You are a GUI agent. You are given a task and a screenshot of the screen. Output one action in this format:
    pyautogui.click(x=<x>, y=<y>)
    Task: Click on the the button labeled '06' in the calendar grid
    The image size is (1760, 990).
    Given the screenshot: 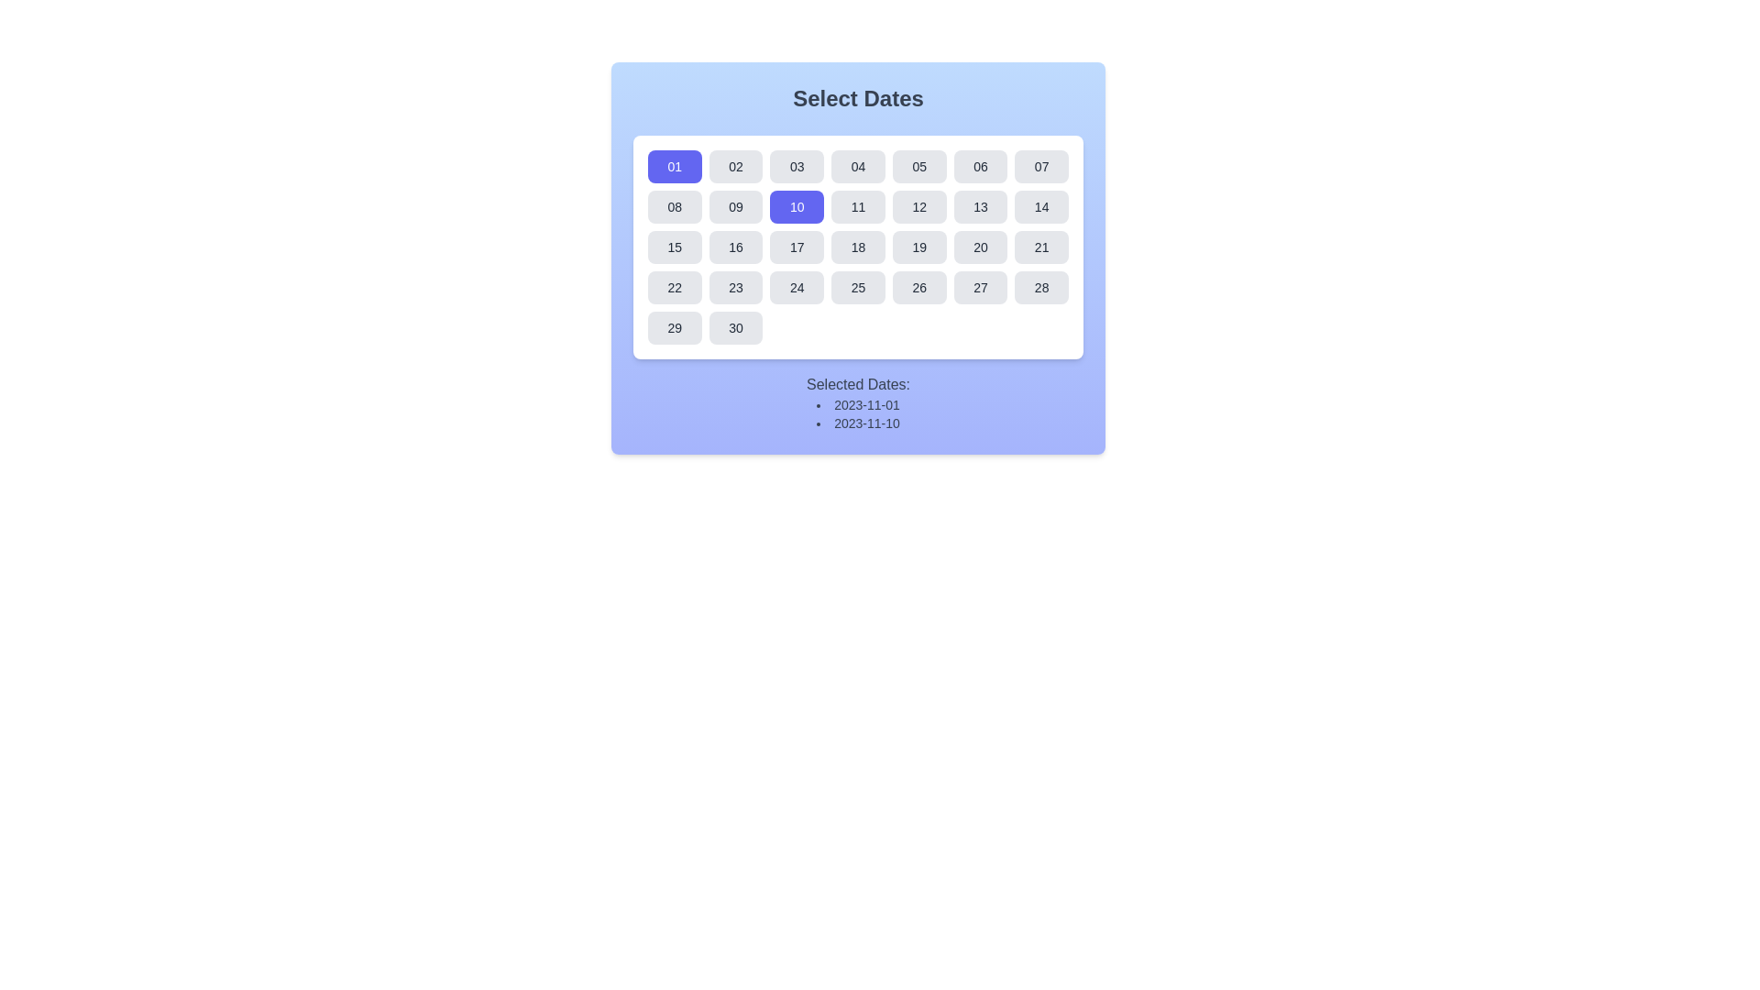 What is the action you would take?
    pyautogui.click(x=980, y=166)
    